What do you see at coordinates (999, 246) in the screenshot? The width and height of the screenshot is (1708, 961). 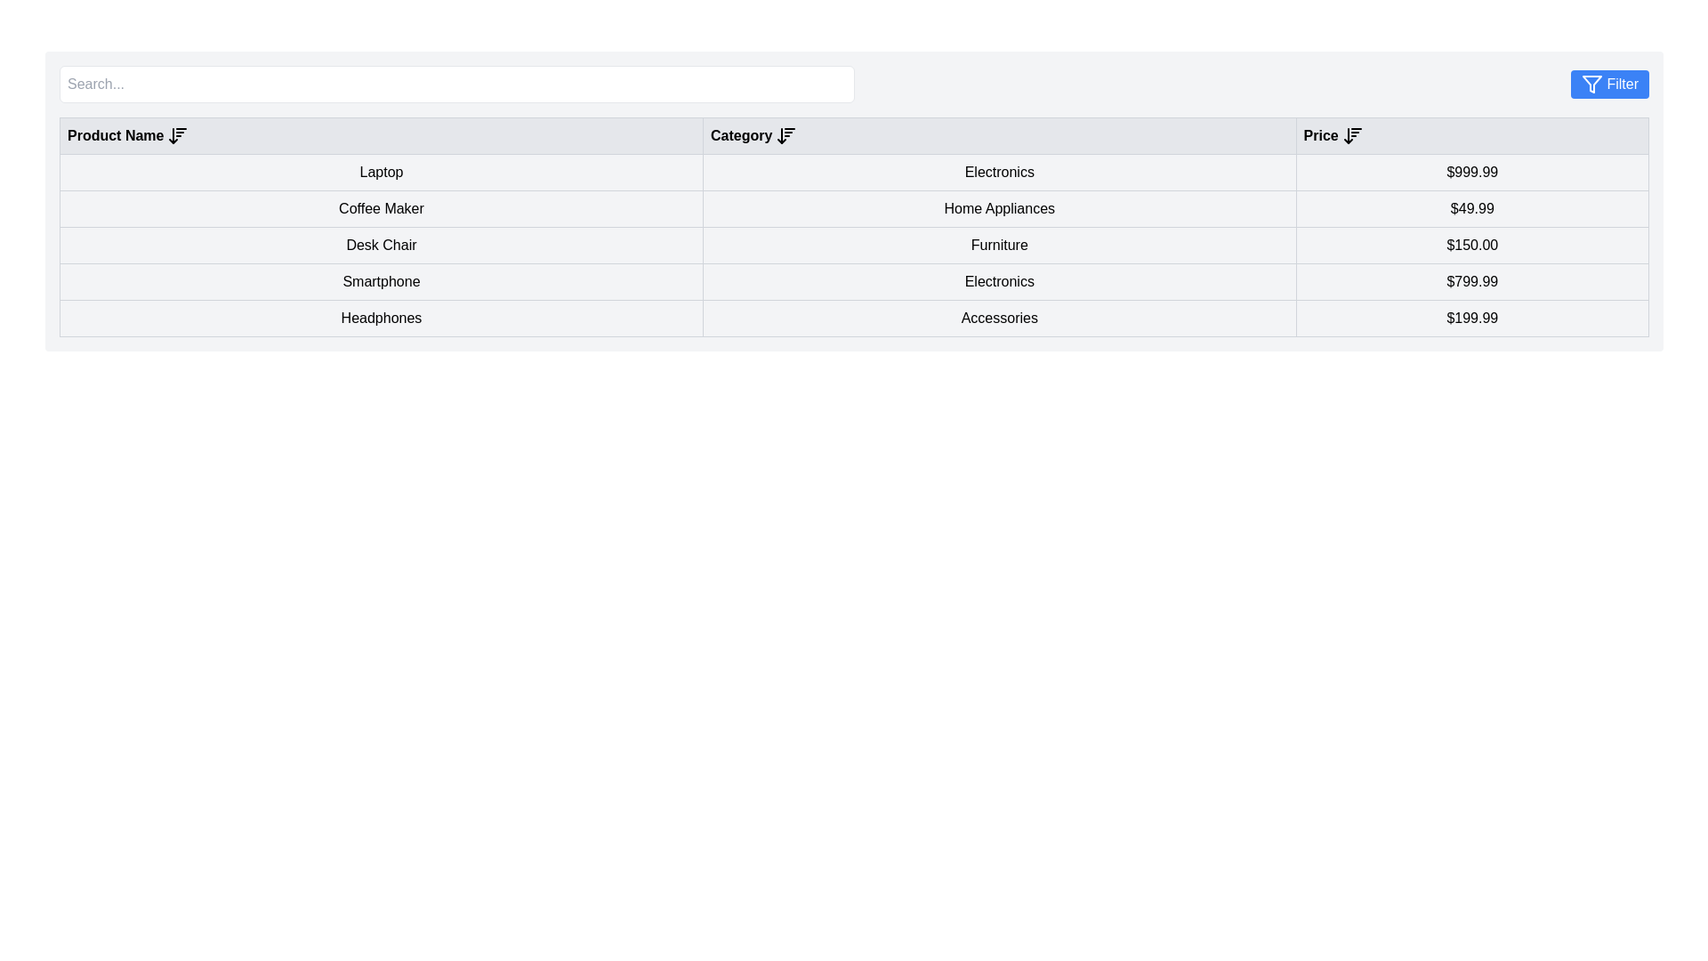 I see `the 'Furniture' category designation cell located in the third row of the table, between 'Desk Chair' and '$150.00'` at bounding box center [999, 246].